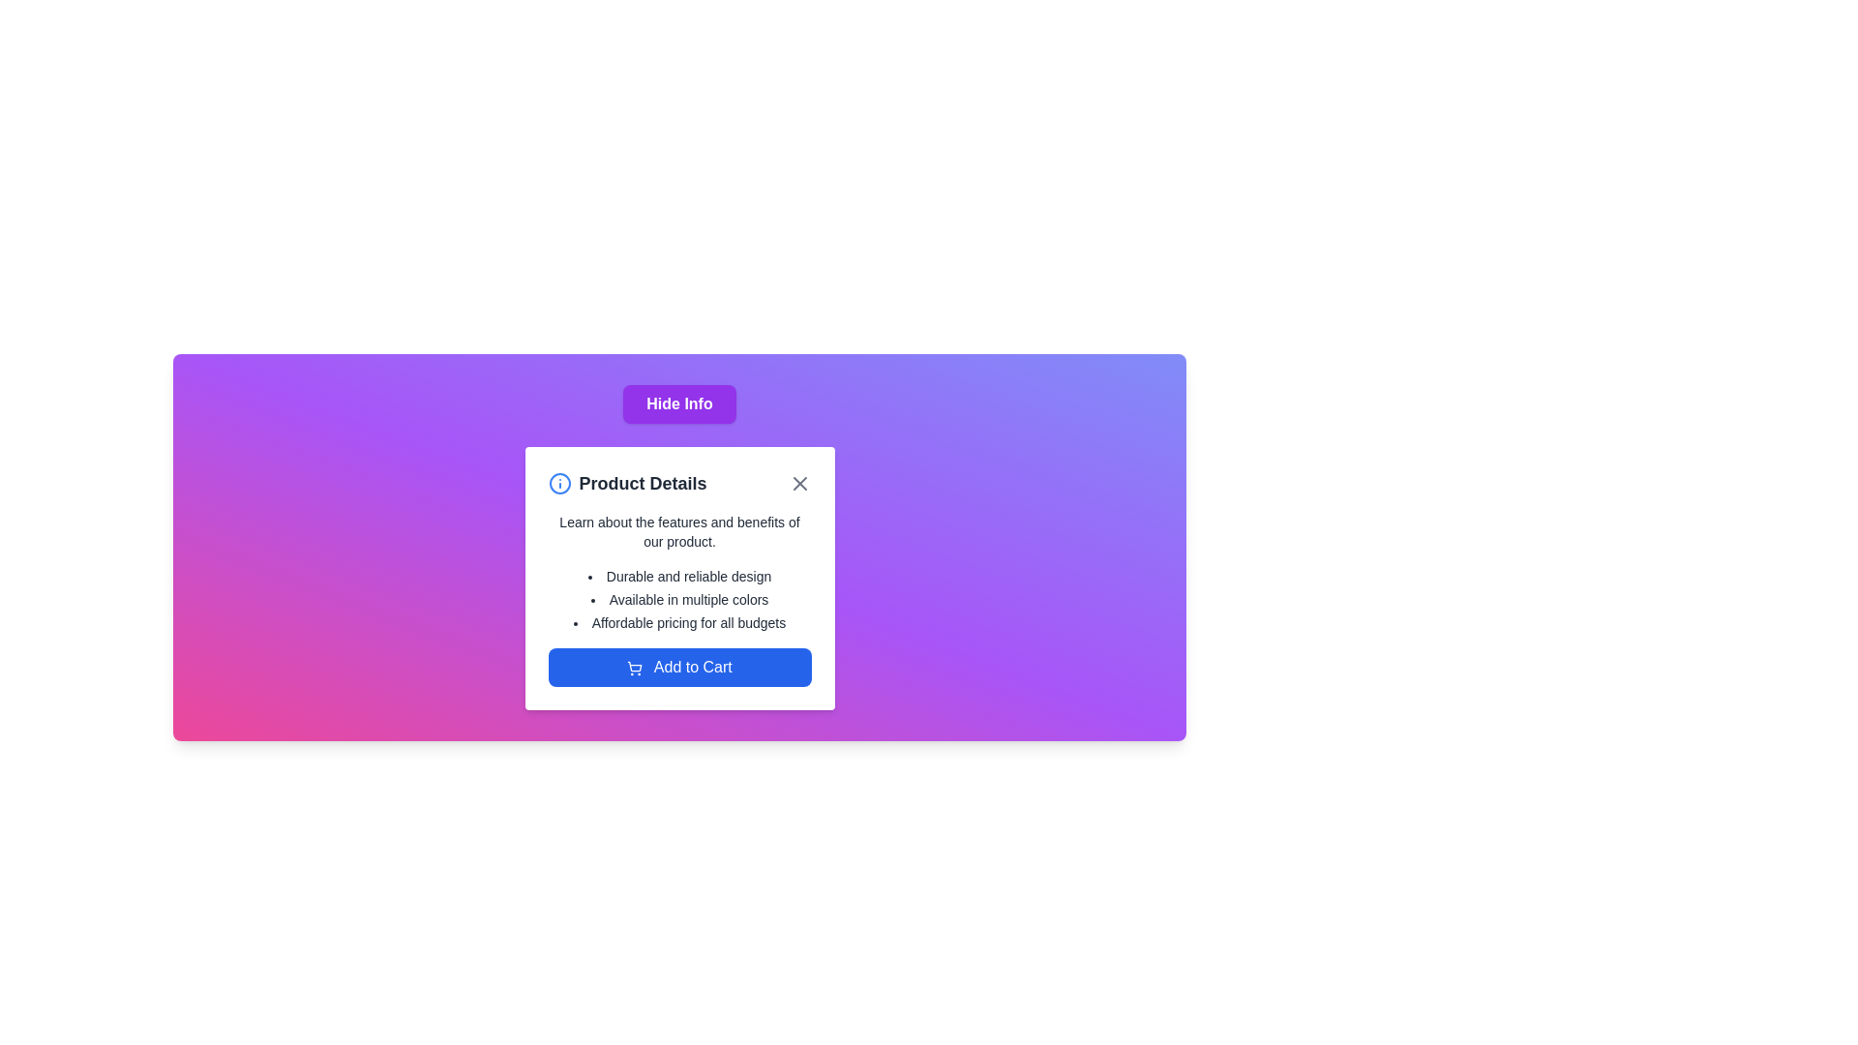 The height and width of the screenshot is (1045, 1858). I want to click on the 'Product Details' text label, which serves as the title for the content box, providing context to the details presented in the box, so click(643, 483).